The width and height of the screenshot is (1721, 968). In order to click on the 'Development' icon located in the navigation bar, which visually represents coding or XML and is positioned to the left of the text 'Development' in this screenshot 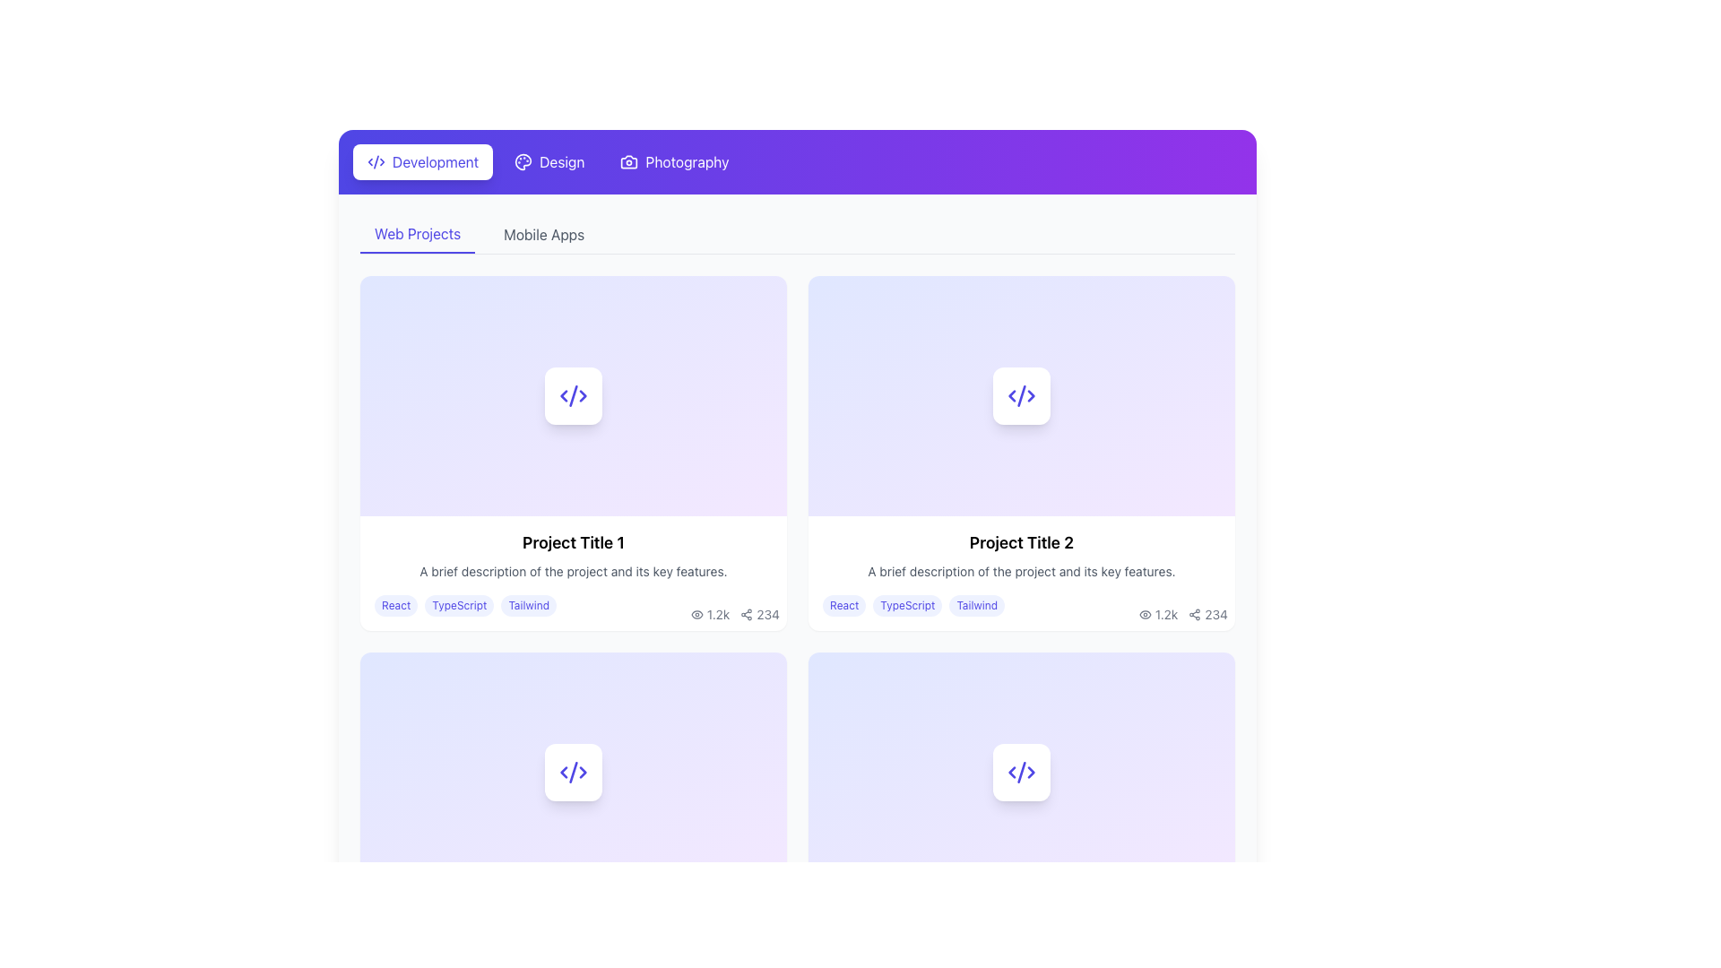, I will do `click(376, 162)`.